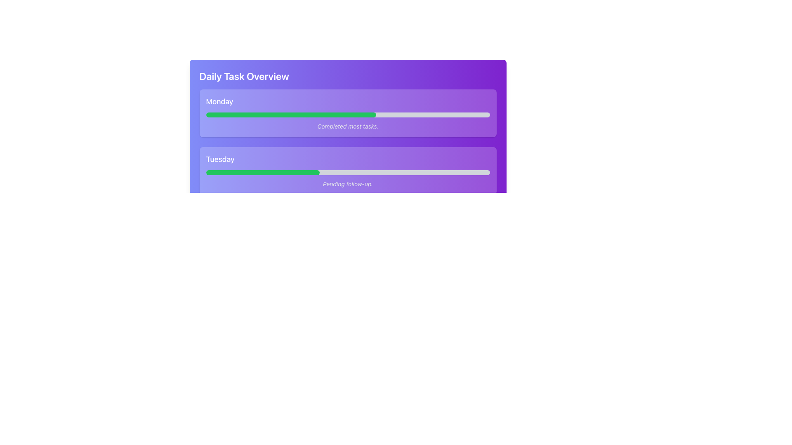 This screenshot has width=792, height=445. I want to click on the text label displaying 'Monday' in a bold font on a purple gradient background, which is located at the top left of the first task section in the 'Daily Task Overview' interface, so click(219, 101).